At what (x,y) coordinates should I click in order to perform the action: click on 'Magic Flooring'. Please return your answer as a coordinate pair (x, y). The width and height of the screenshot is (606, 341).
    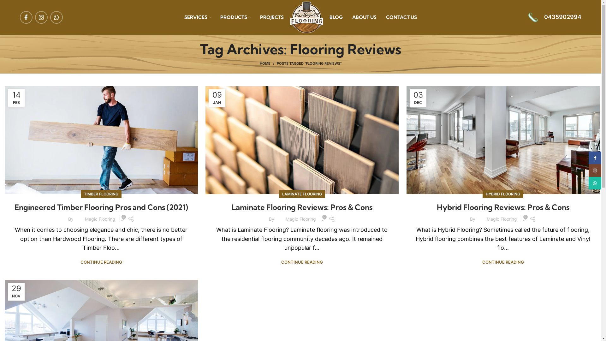
    Looking at the image, I should click on (300, 218).